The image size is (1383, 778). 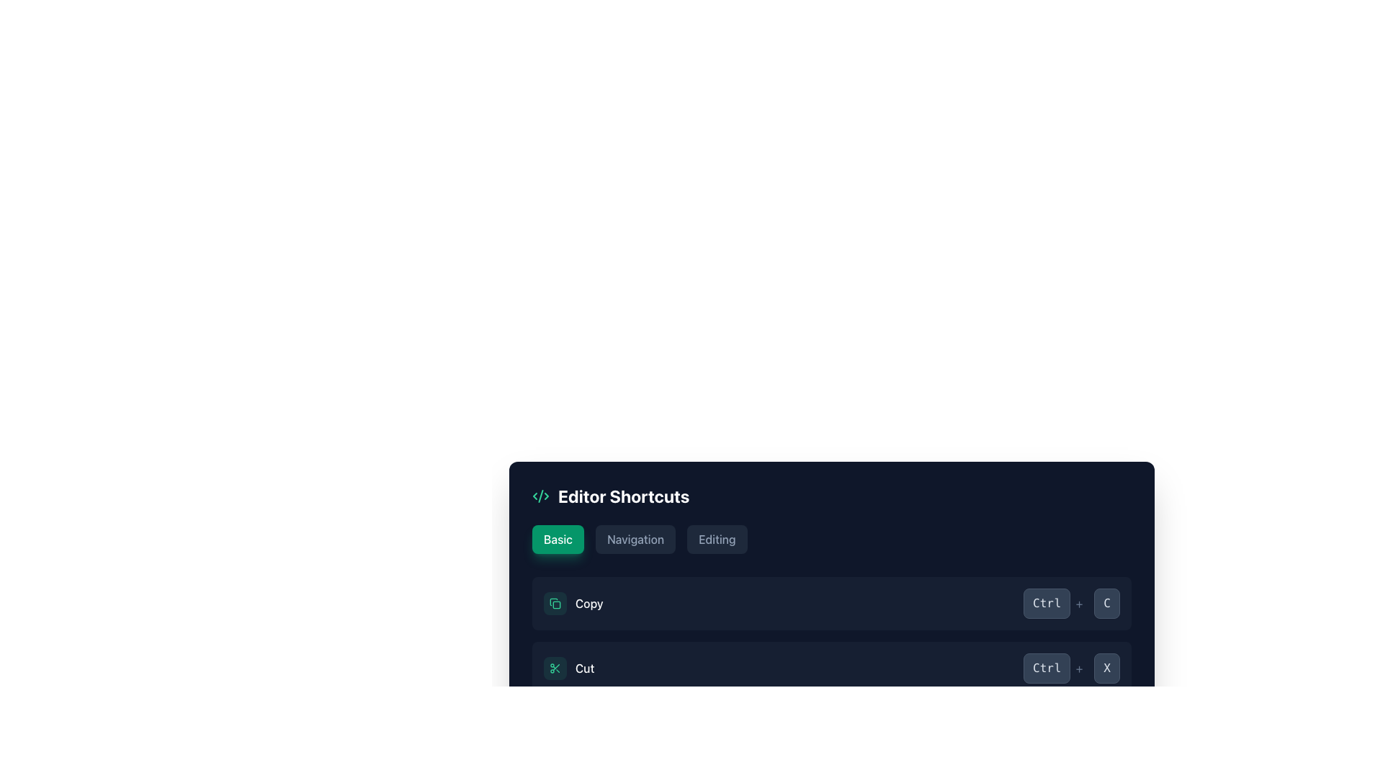 I want to click on the label representing the 'Ctrl+' keyboard shortcut in the 'Ctrl+C' combination, located in the second row of the list-like setup, so click(x=1056, y=603).